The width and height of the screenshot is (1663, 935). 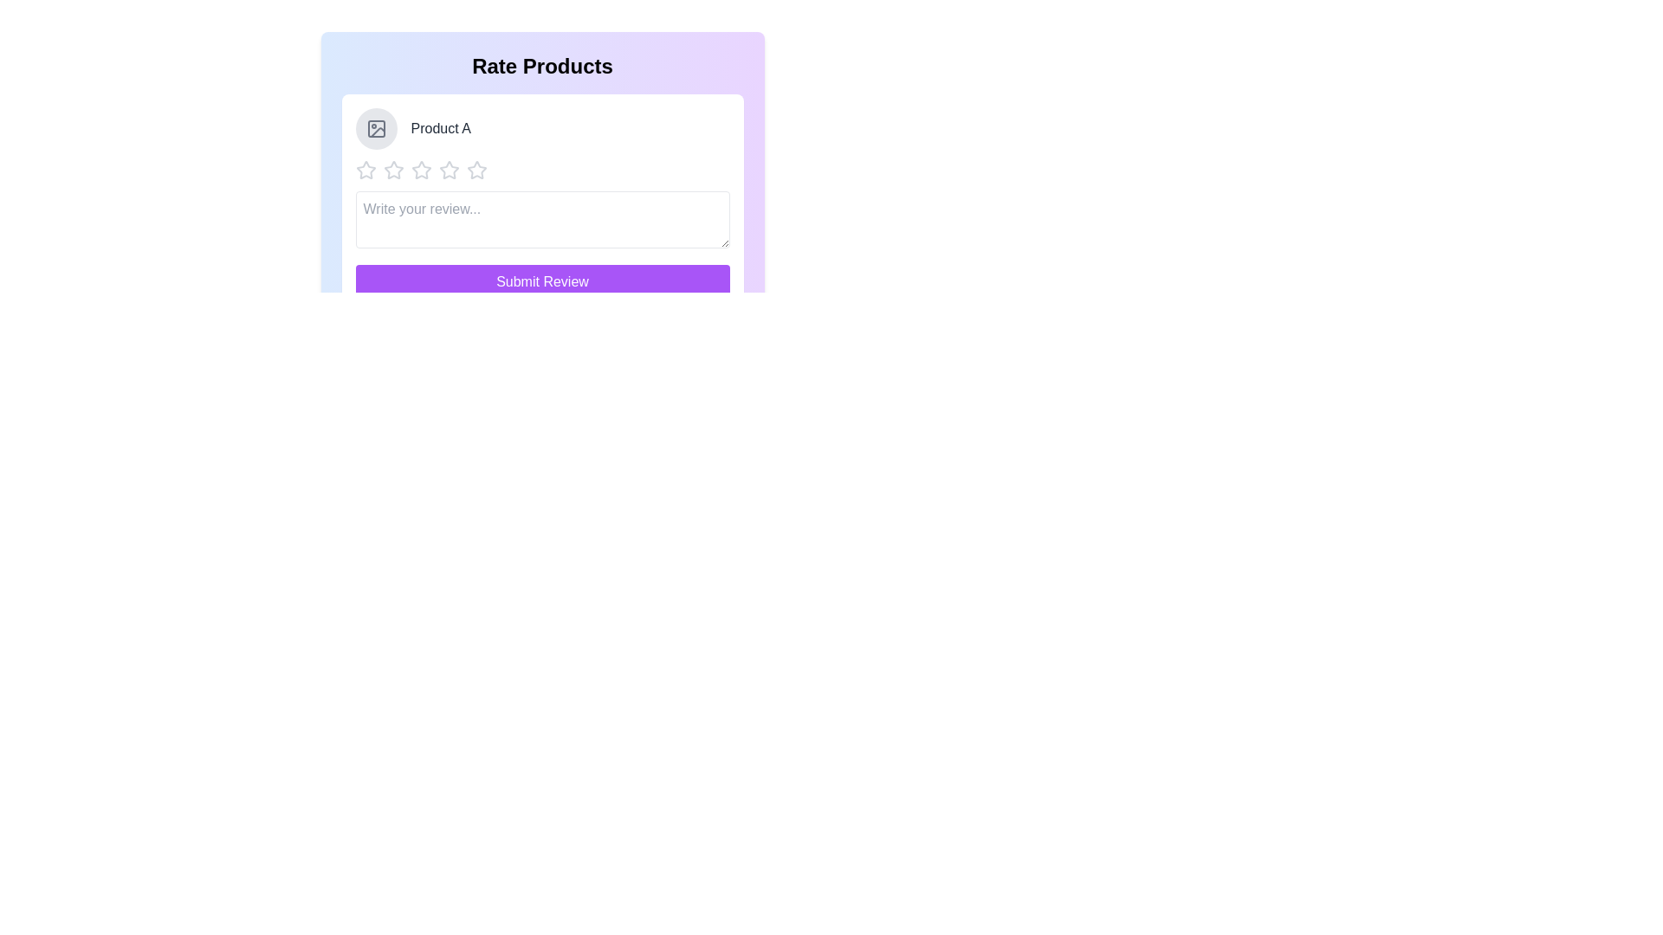 I want to click on the star corresponding to the desired rating 2, so click(x=392, y=170).